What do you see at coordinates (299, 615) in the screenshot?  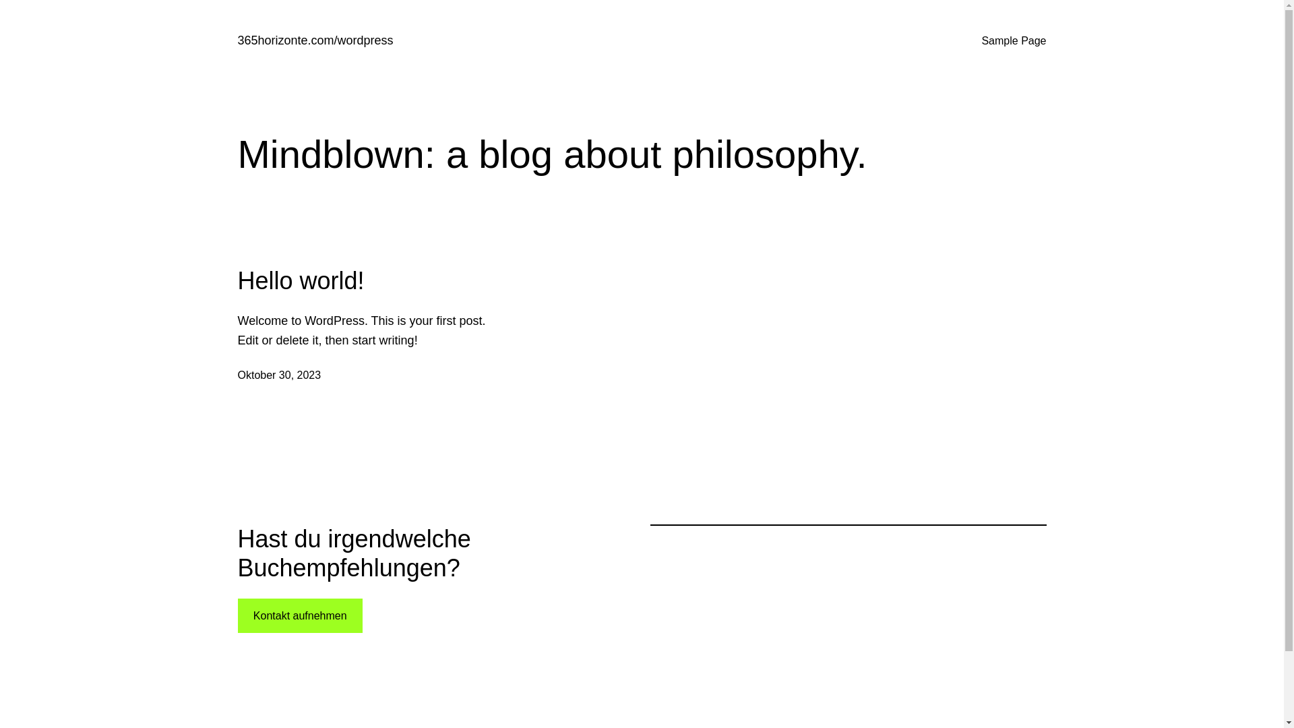 I see `'Kontakt aufnehmen'` at bounding box center [299, 615].